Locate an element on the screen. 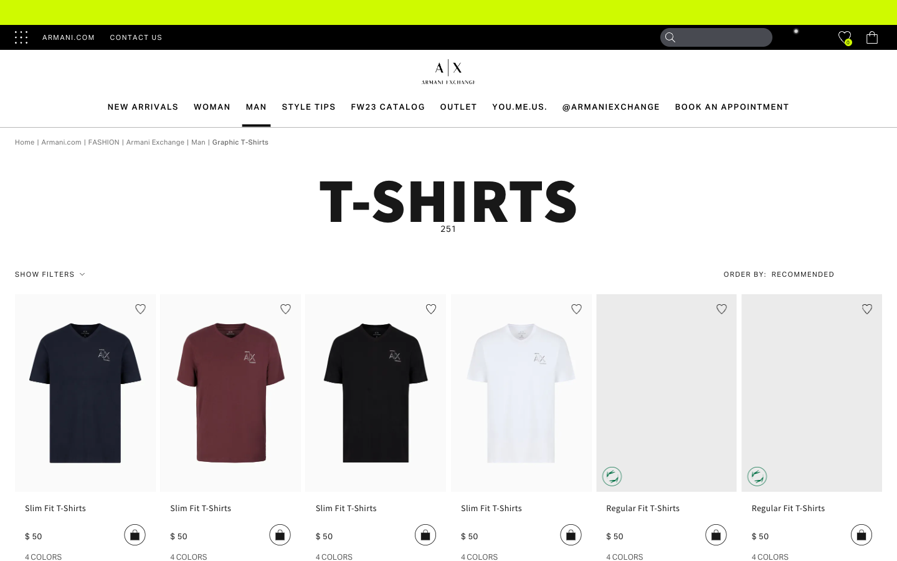  From the top menu, select and click on the @ArmaniExchange option to access it is located at coordinates (610, 107).